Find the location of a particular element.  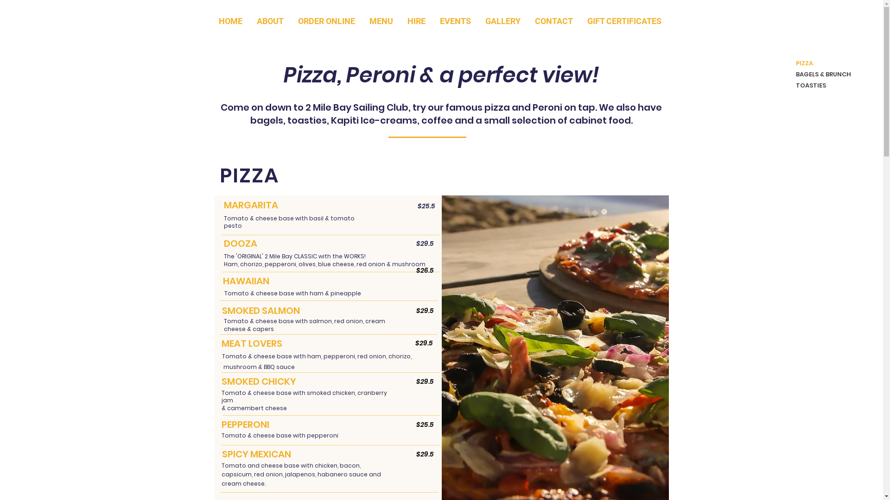

'BAGELS & BRUNCH' is located at coordinates (819, 74).